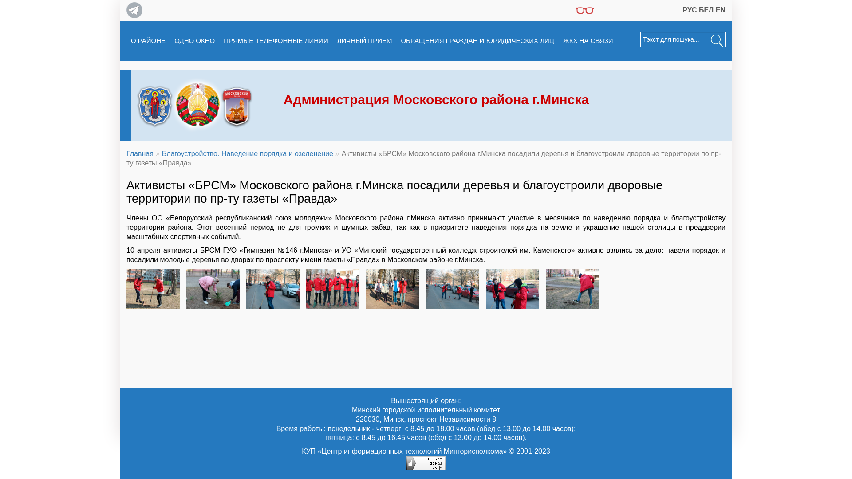 This screenshot has height=479, width=852. What do you see at coordinates (720, 10) in the screenshot?
I see `'EN'` at bounding box center [720, 10].